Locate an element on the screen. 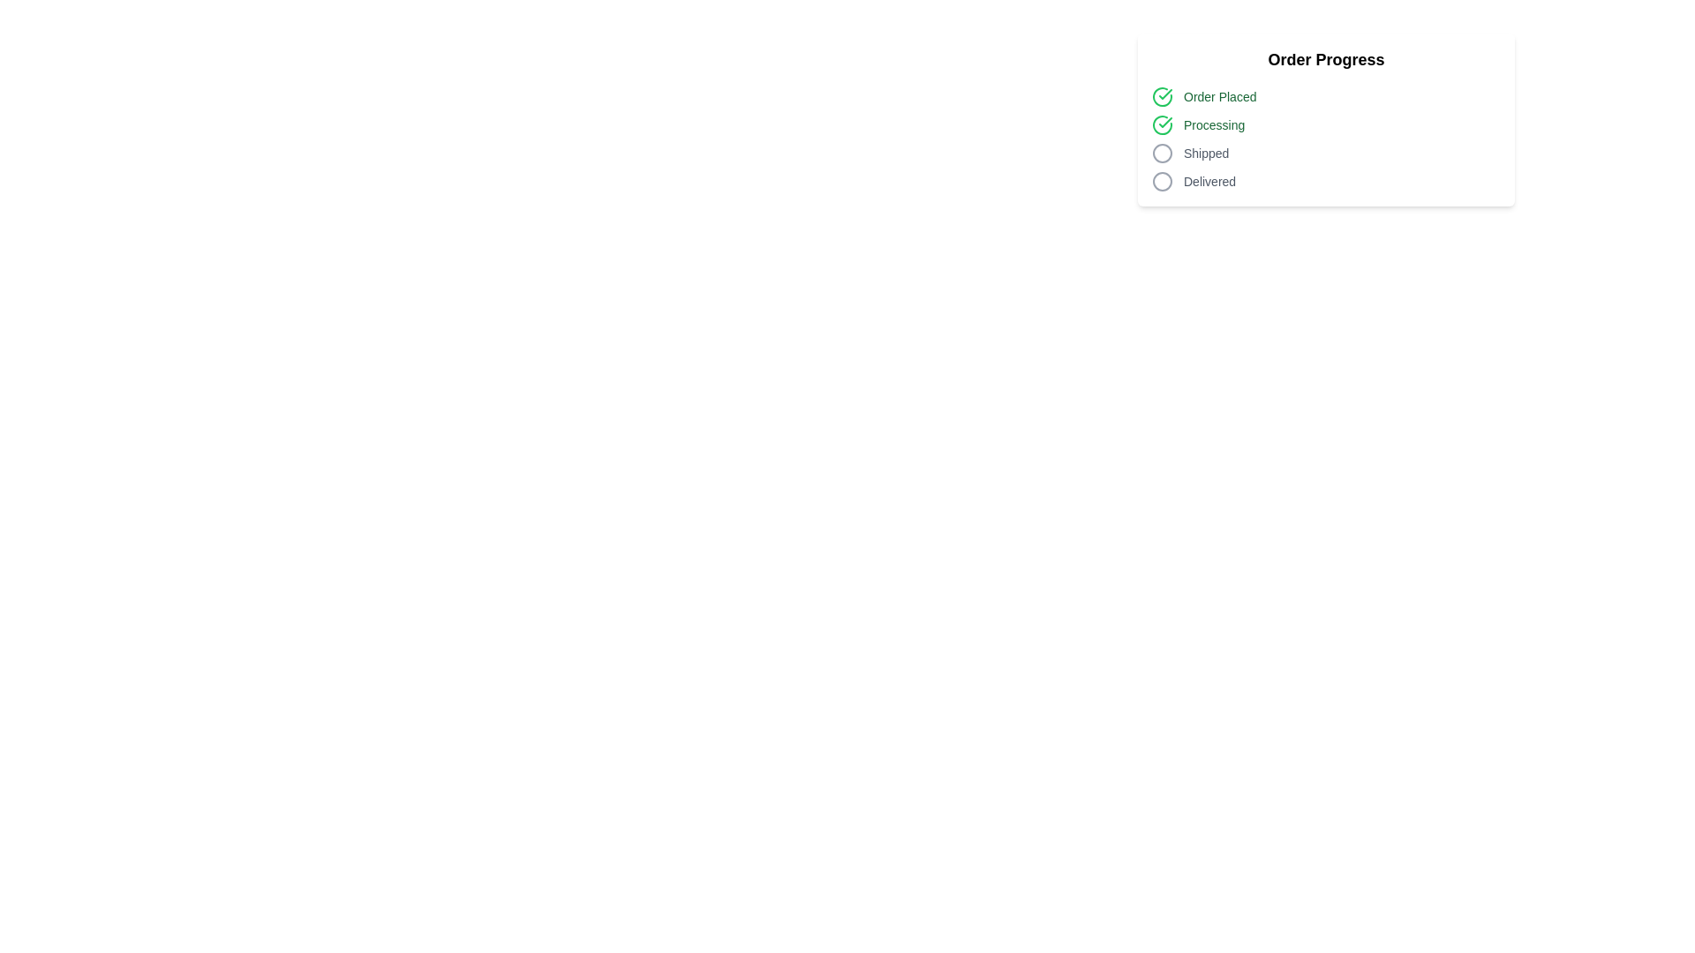 The width and height of the screenshot is (1695, 953). the 'Processing' text label, which is the second item in the vertical list of order statuses, colored green and styled in a smaller font size is located at coordinates (1213, 124).